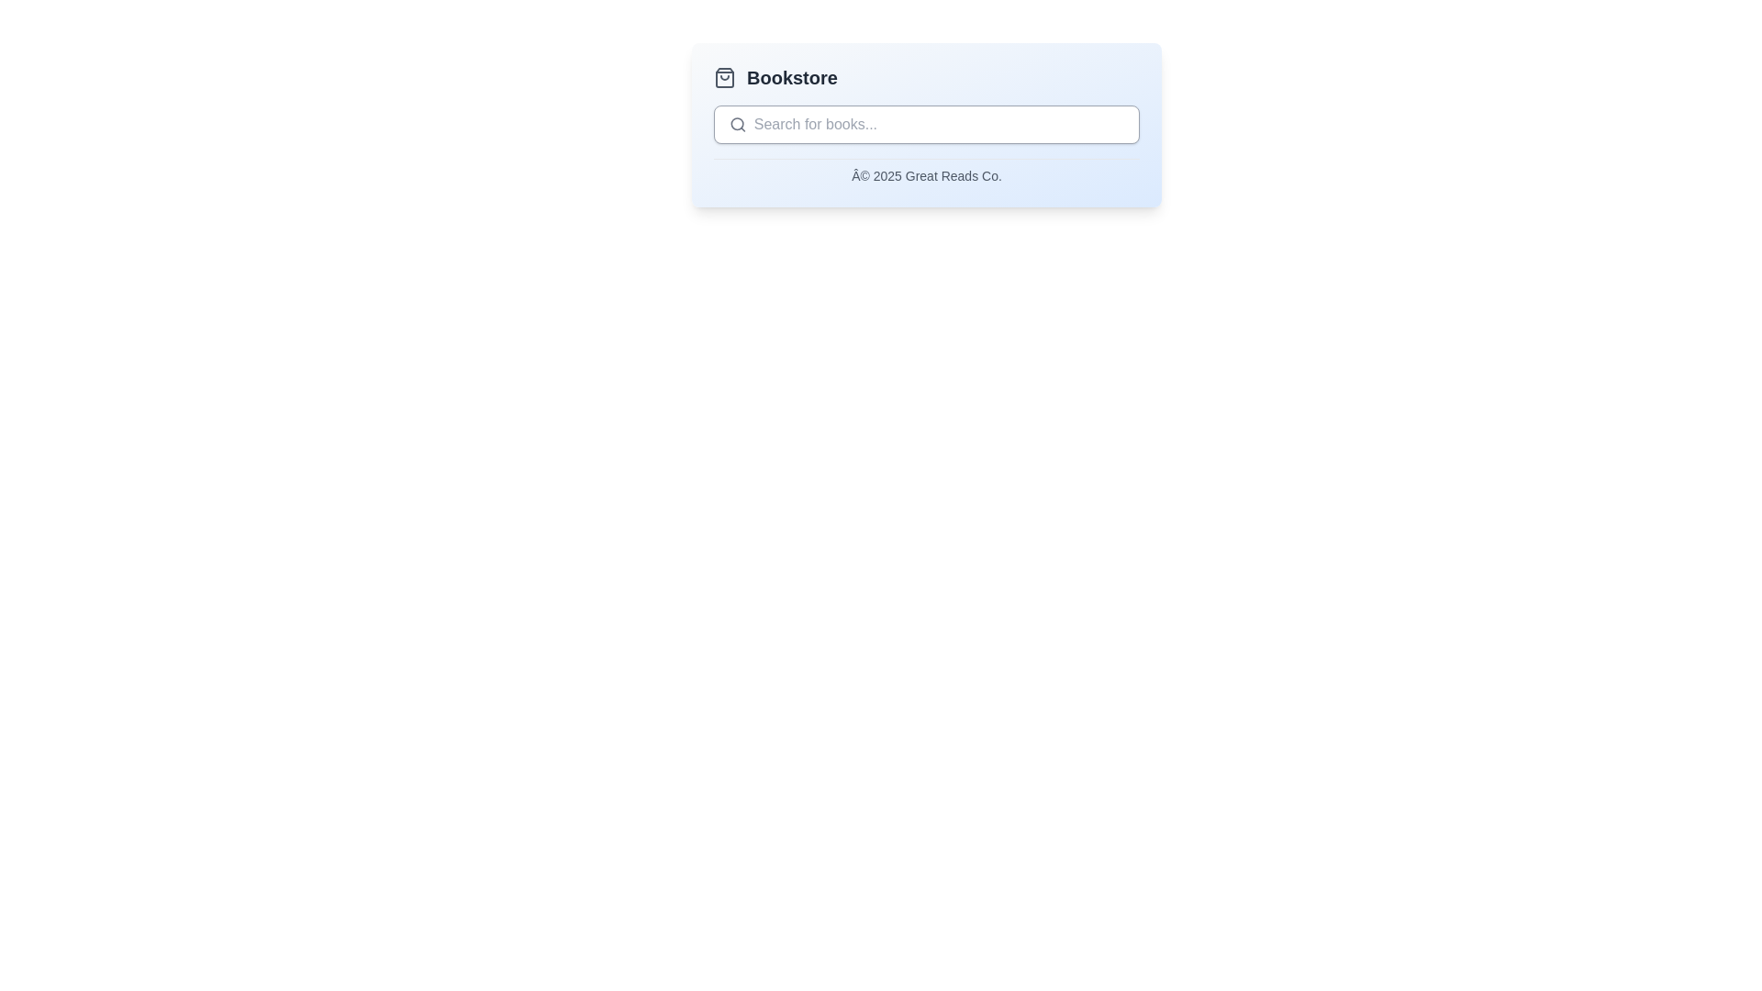 Image resolution: width=1762 pixels, height=991 pixels. Describe the element at coordinates (724, 76) in the screenshot. I see `the shopping bag icon located to the left of the text 'Bookstore' in the upper left portion of the interface` at that location.